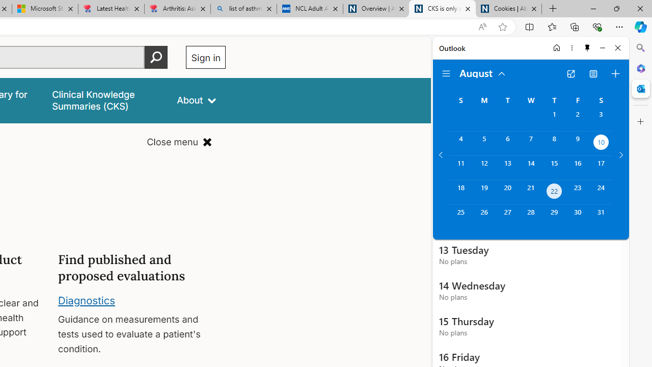  I want to click on 'Friday, August 23, 2024. ', so click(578, 192).